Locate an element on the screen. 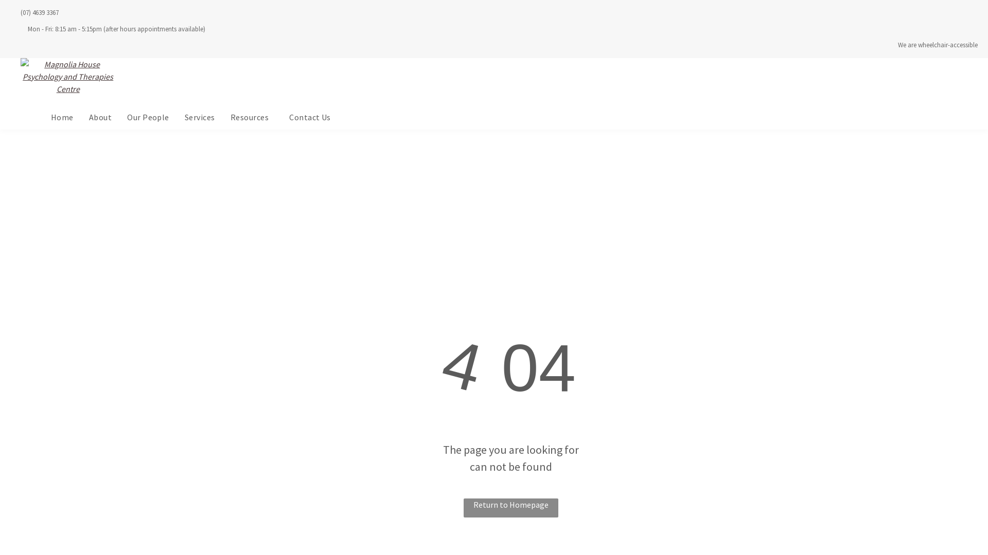 The height and width of the screenshot is (555, 988). 'Home' is located at coordinates (61, 116).